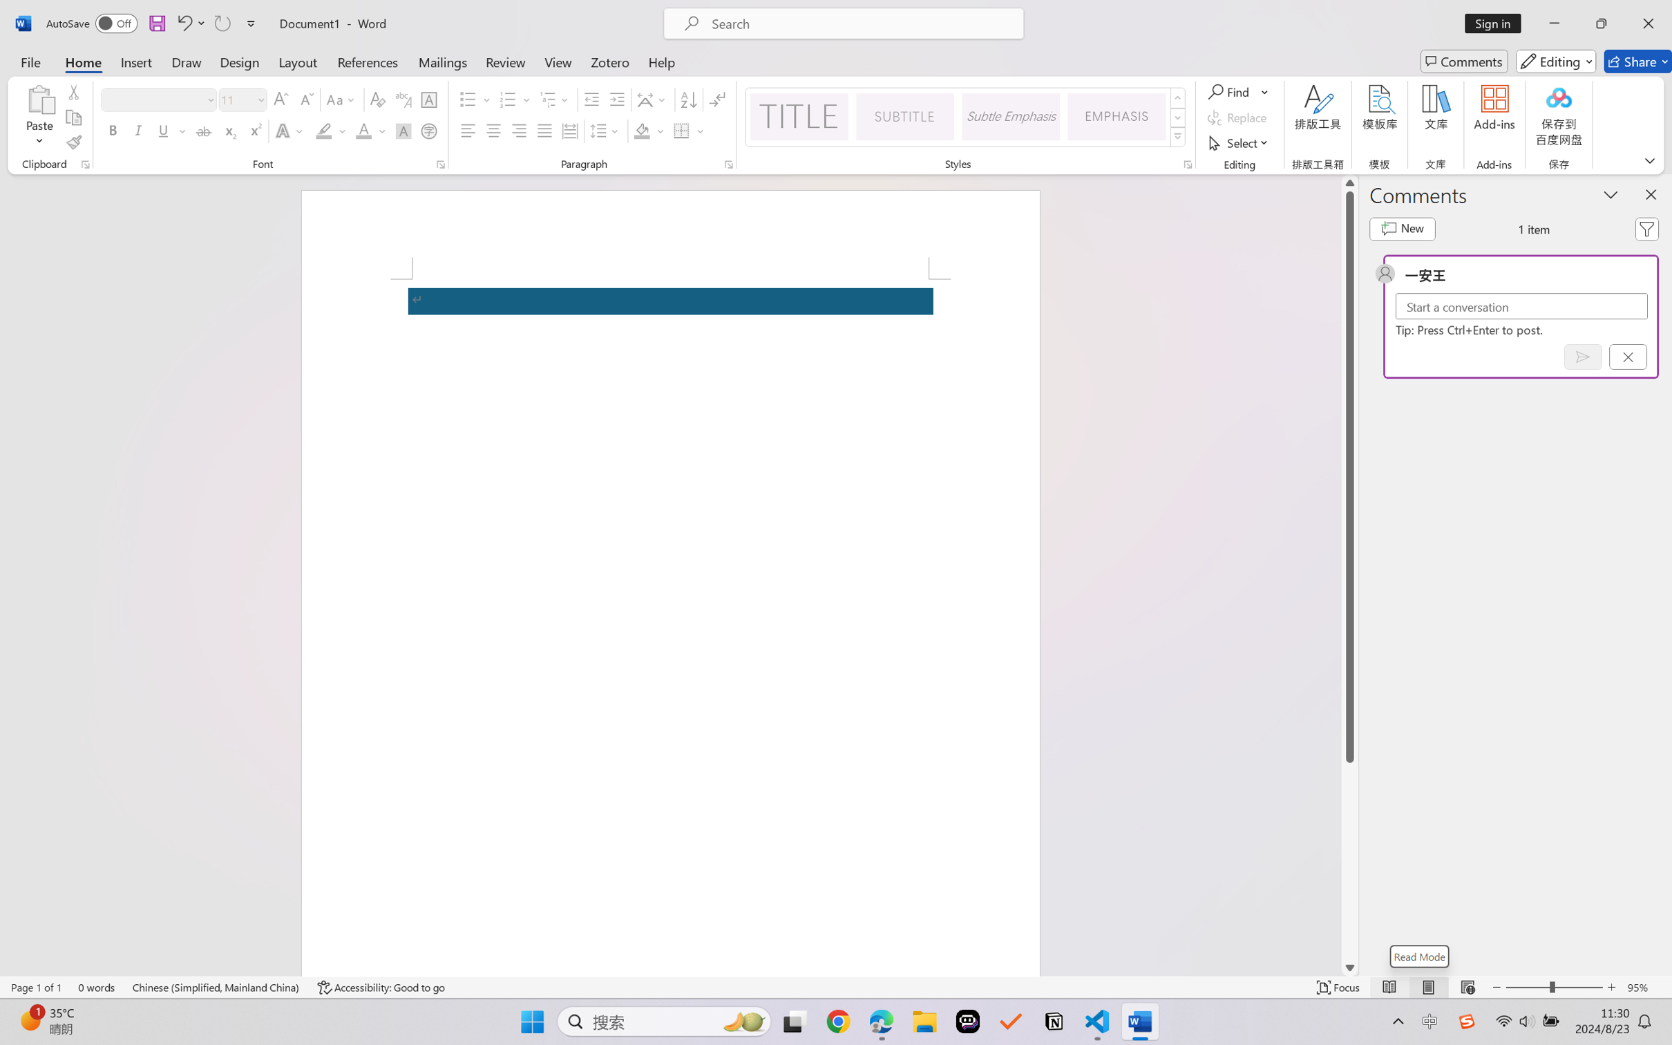  Describe the element at coordinates (364, 130) in the screenshot. I see `'Font Color RGB(255, 0, 0)'` at that location.